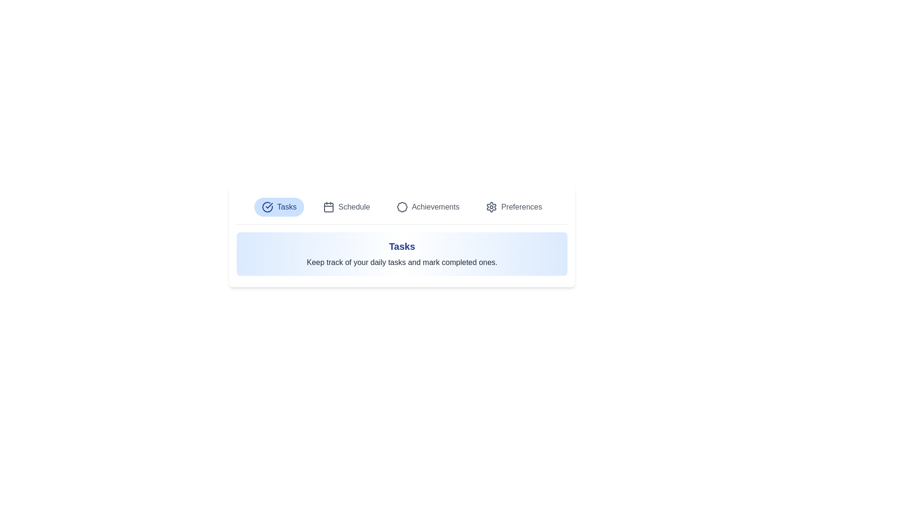 Image resolution: width=911 pixels, height=512 pixels. Describe the element at coordinates (428, 206) in the screenshot. I see `the 'Achievements' button in the horizontal navigation menu` at that location.